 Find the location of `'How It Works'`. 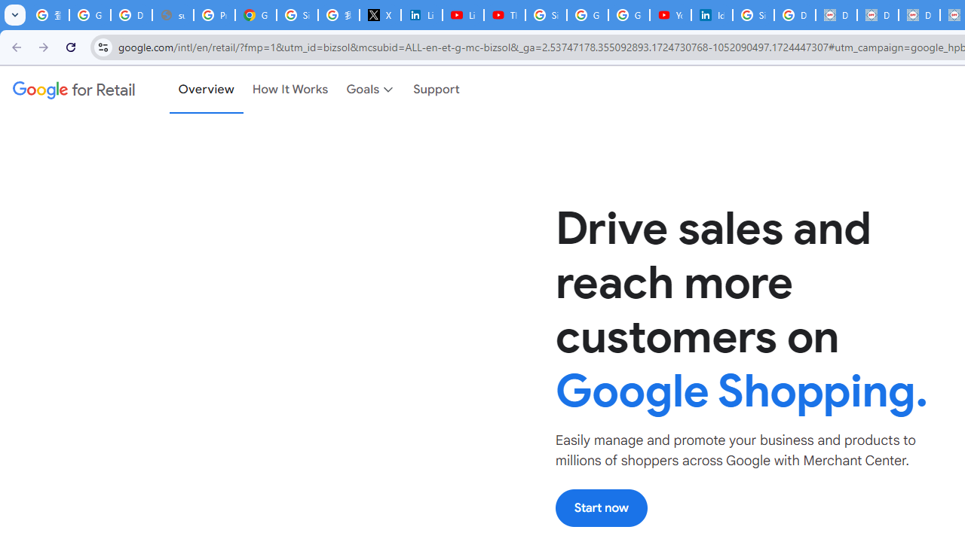

'How It Works' is located at coordinates (290, 90).